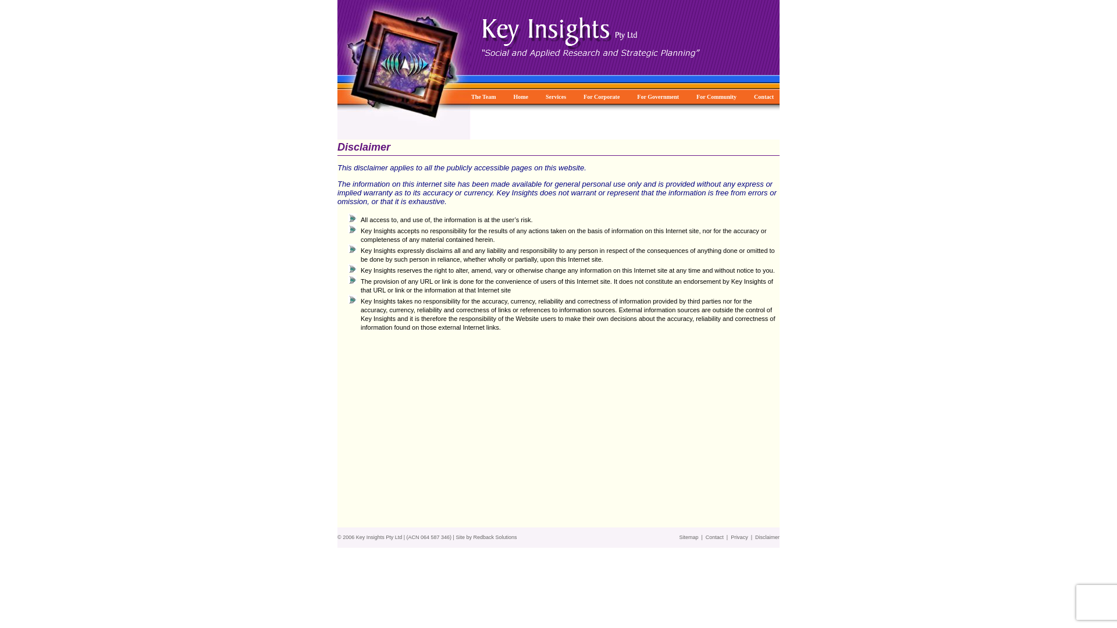 The image size is (1117, 628). What do you see at coordinates (695, 95) in the screenshot?
I see `'For Community'` at bounding box center [695, 95].